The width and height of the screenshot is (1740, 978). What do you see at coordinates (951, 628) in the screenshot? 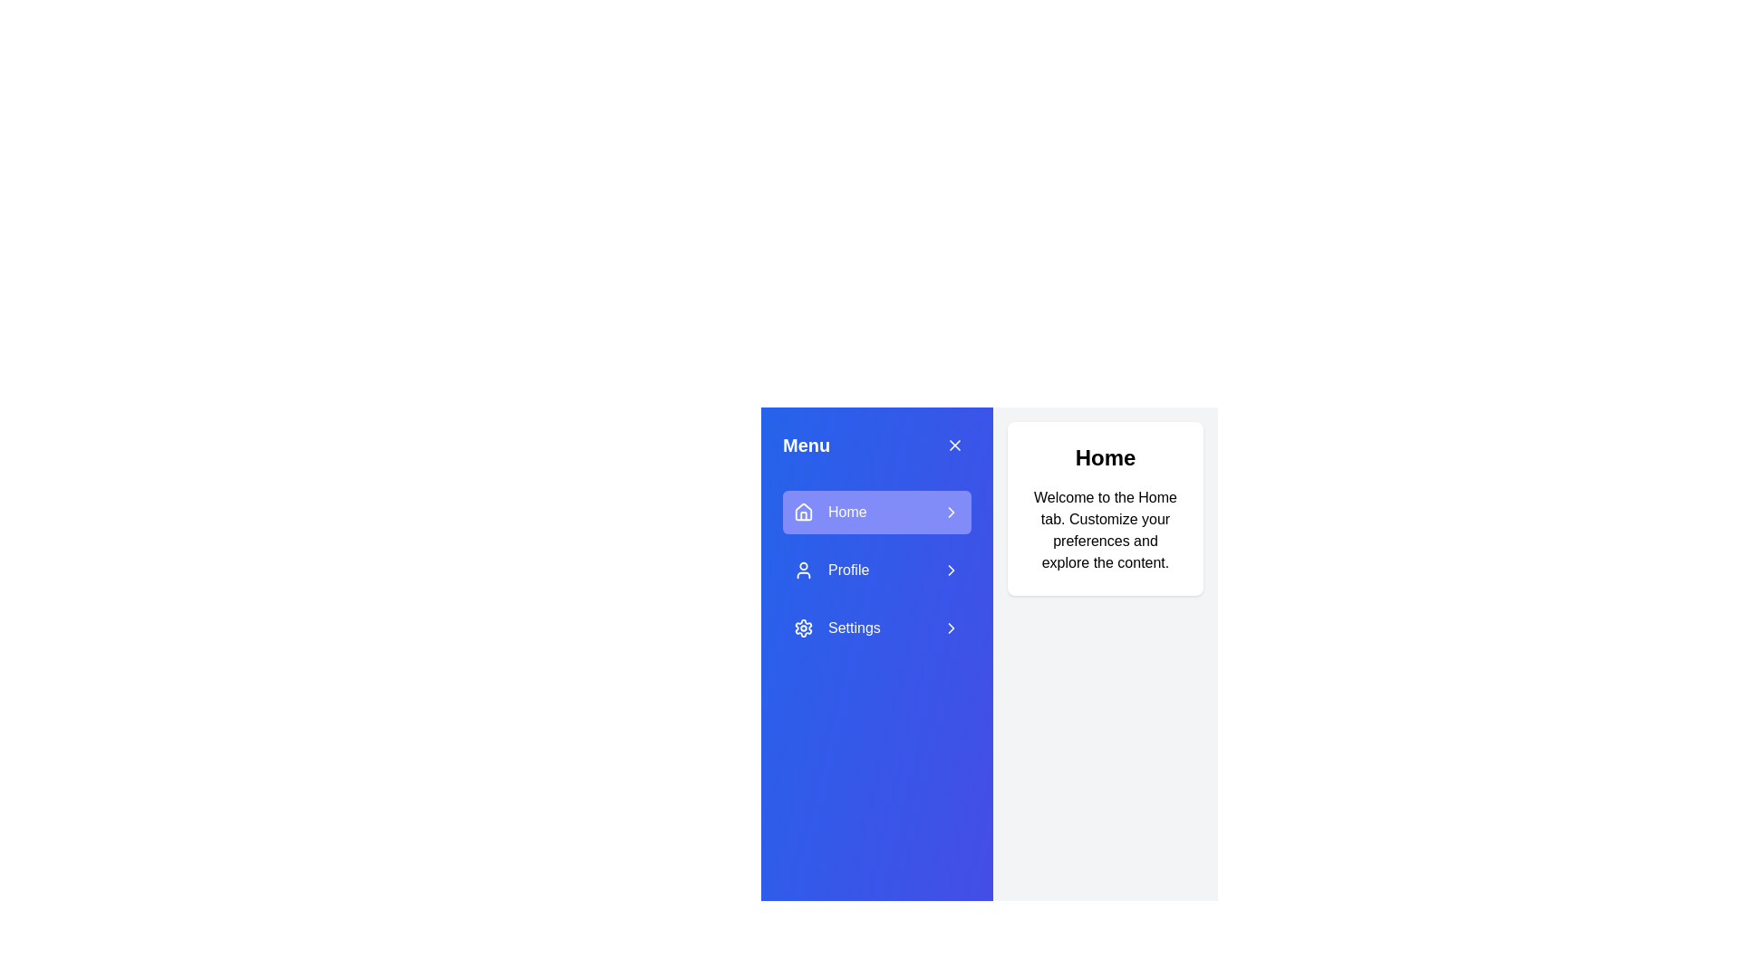
I see `the submenu icon located to the far right of the 'Settings' text and icon` at bounding box center [951, 628].